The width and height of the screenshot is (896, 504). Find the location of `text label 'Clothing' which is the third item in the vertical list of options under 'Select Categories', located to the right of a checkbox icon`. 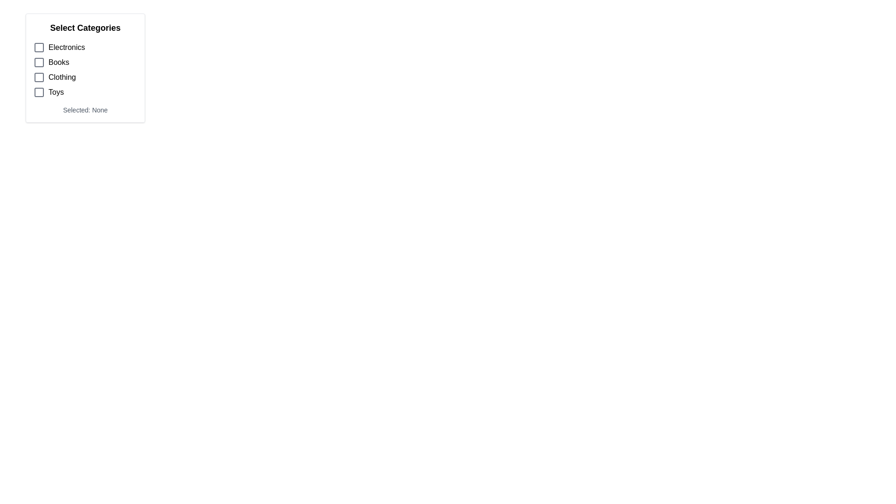

text label 'Clothing' which is the third item in the vertical list of options under 'Select Categories', located to the right of a checkbox icon is located at coordinates (62, 77).